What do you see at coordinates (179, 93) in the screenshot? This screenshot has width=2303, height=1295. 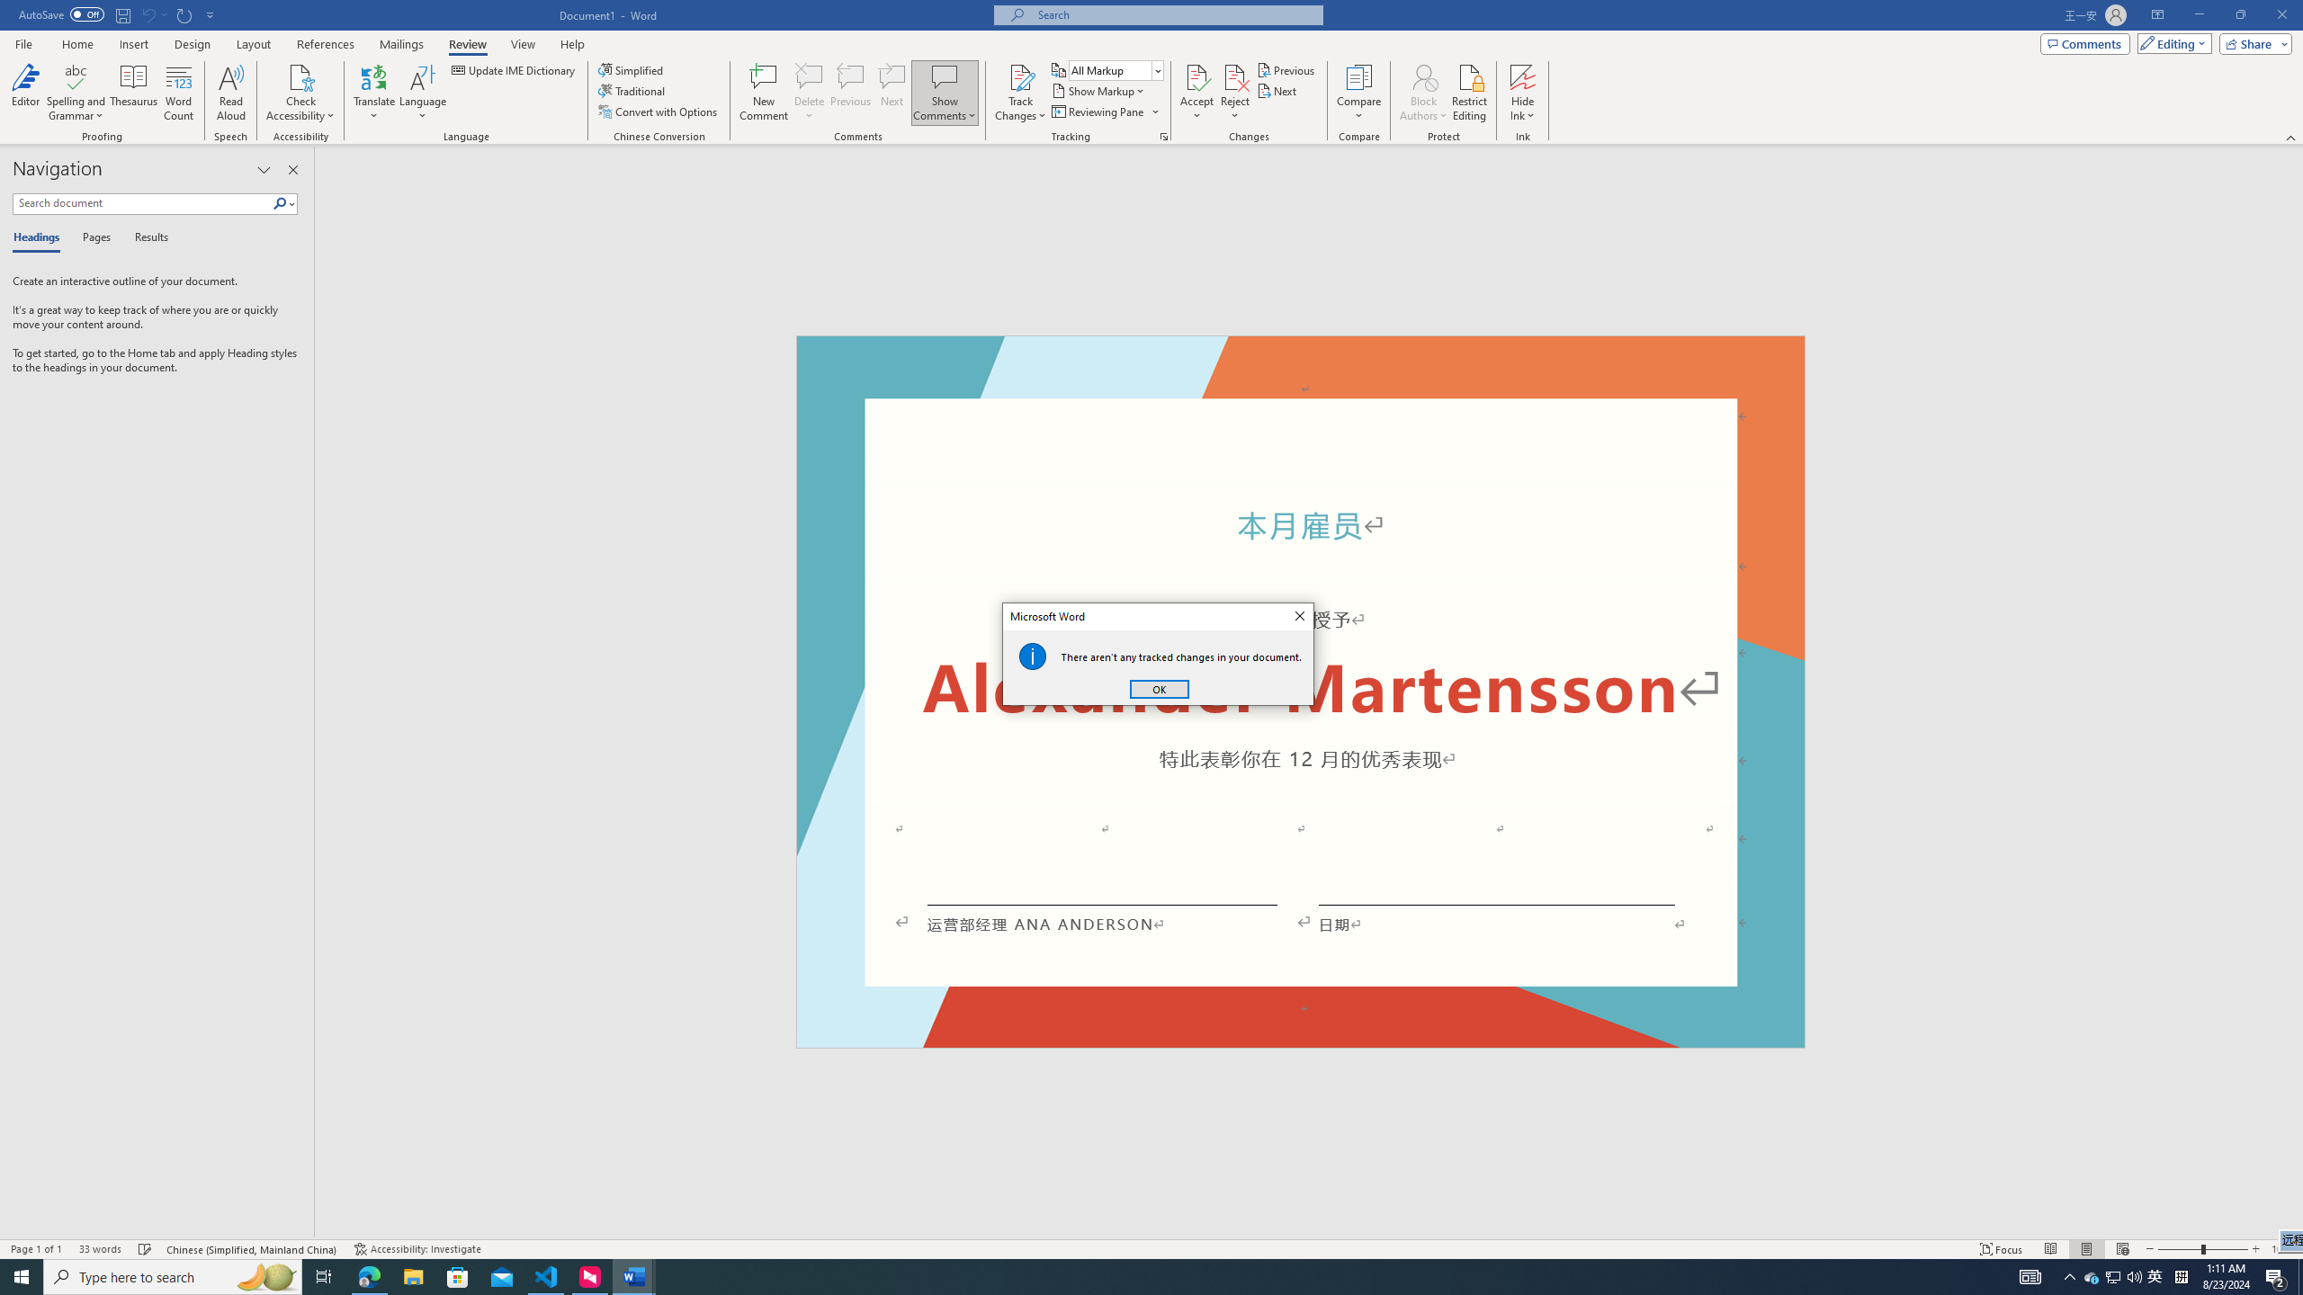 I see `'Word Count'` at bounding box center [179, 93].